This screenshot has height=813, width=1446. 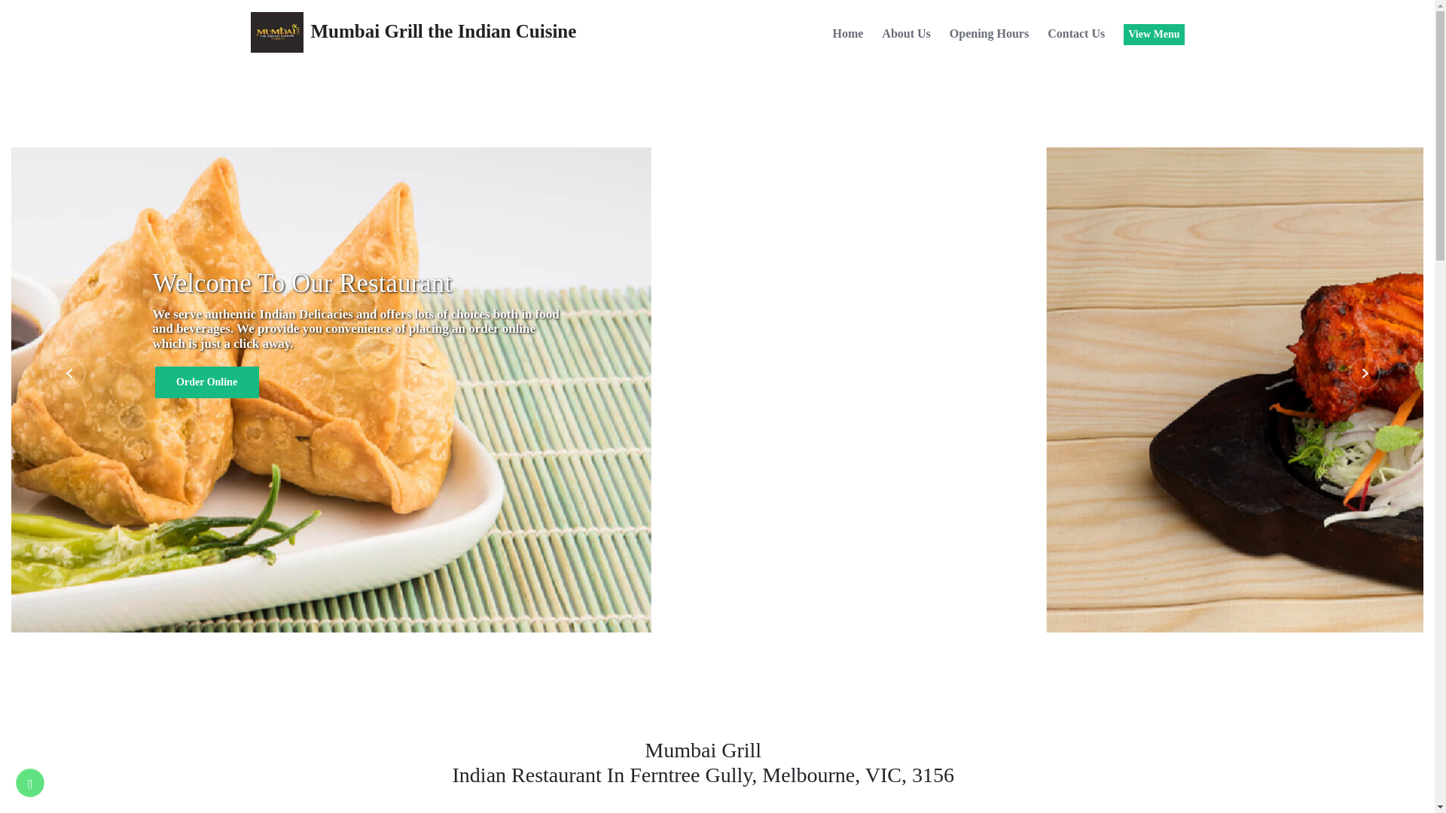 I want to click on 'Contact Us', so click(x=1047, y=35).